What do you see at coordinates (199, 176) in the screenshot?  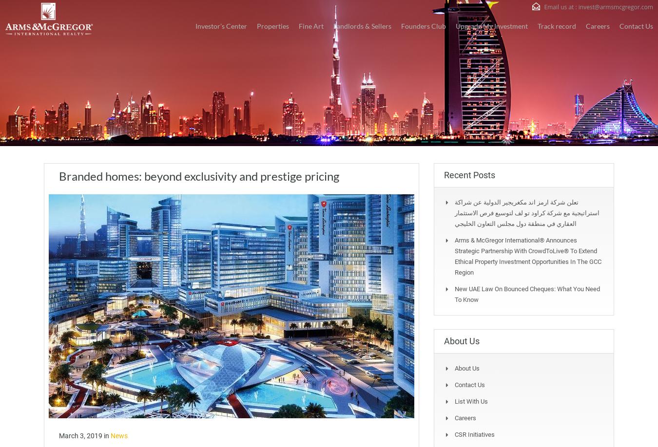 I see `'Branded homes: beyond exclusivity and prestige pricing'` at bounding box center [199, 176].